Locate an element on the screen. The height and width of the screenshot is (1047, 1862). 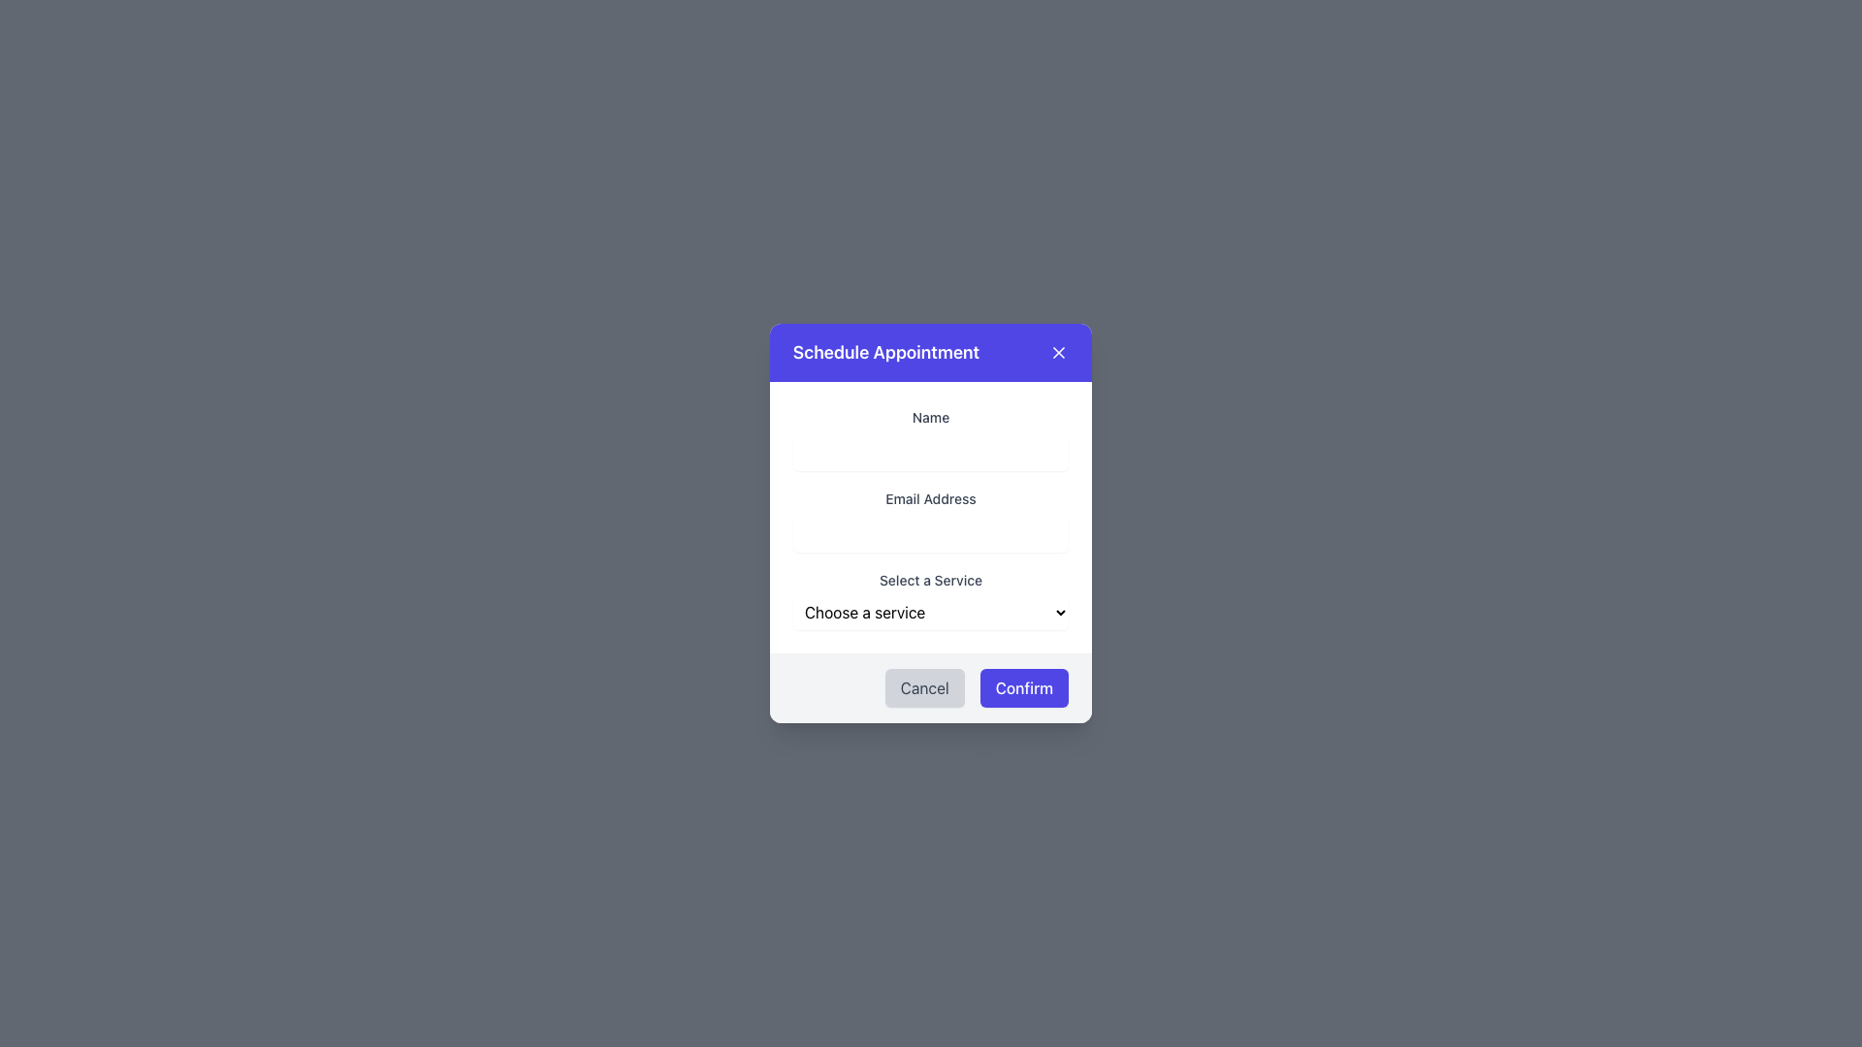
the text label that informs the user about the email input field in the 'Schedule Appointment' modal dialog, which is located above the email input field is located at coordinates (931, 496).